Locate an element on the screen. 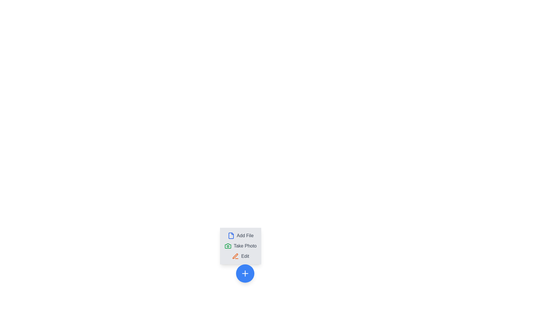 This screenshot has height=309, width=550. the camera icon, which has a square shape with an inward curve on top and a circular lens area, prominently styled in green, located in the second row of icons in the modal menu is located at coordinates (228, 246).